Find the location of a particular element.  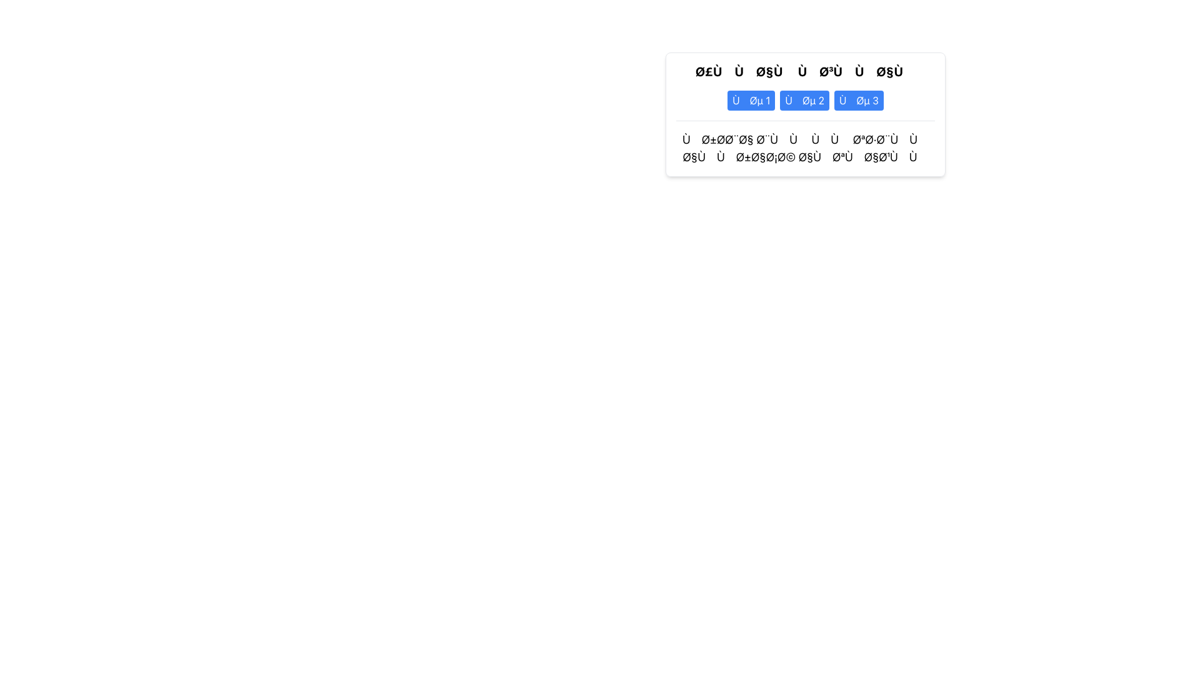

the first button labeled 'Ùنص 1', which is a blue rectangular button with white text, located slightly to the right of the center in the upper part of the interface is located at coordinates (751, 100).